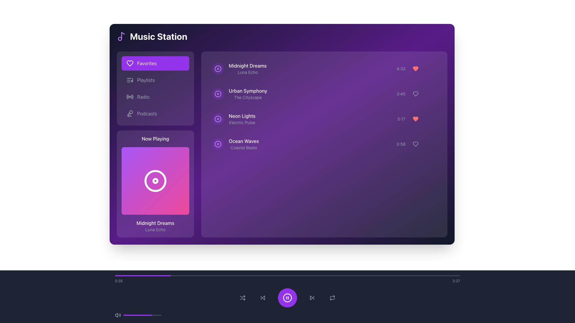  I want to click on the circular SVG graphic element that indicates currently playing music, located in the 'Now Playing' section of the left panel, which is the larger circle in the album display area, so click(155, 181).